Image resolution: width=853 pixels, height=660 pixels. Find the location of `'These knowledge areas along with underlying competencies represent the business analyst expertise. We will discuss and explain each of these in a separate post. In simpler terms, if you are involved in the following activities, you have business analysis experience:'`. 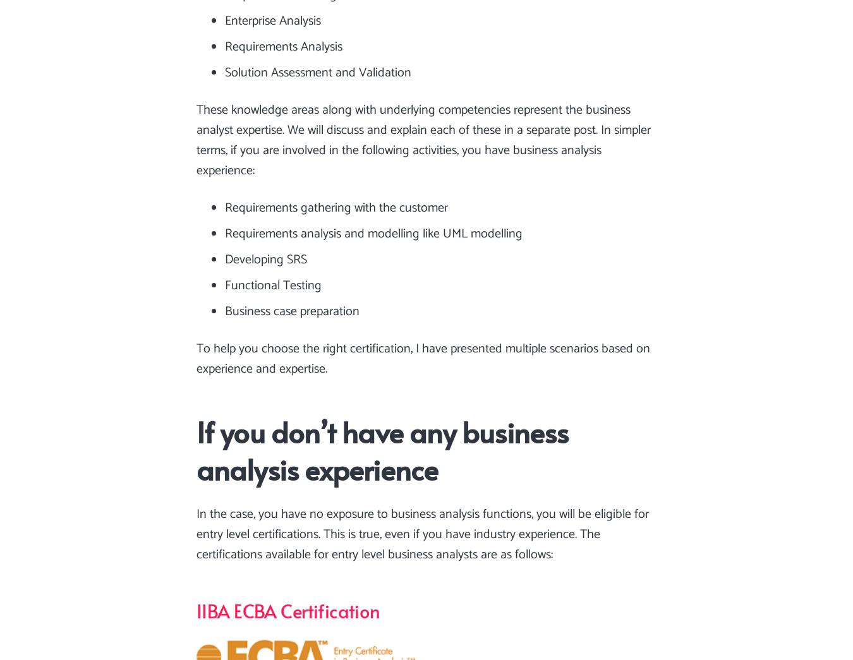

'These knowledge areas along with underlying competencies represent the business analyst expertise. We will discuss and explain each of these in a separate post. In simpler terms, if you are involved in the following activities, you have business analysis experience:' is located at coordinates (196, 140).